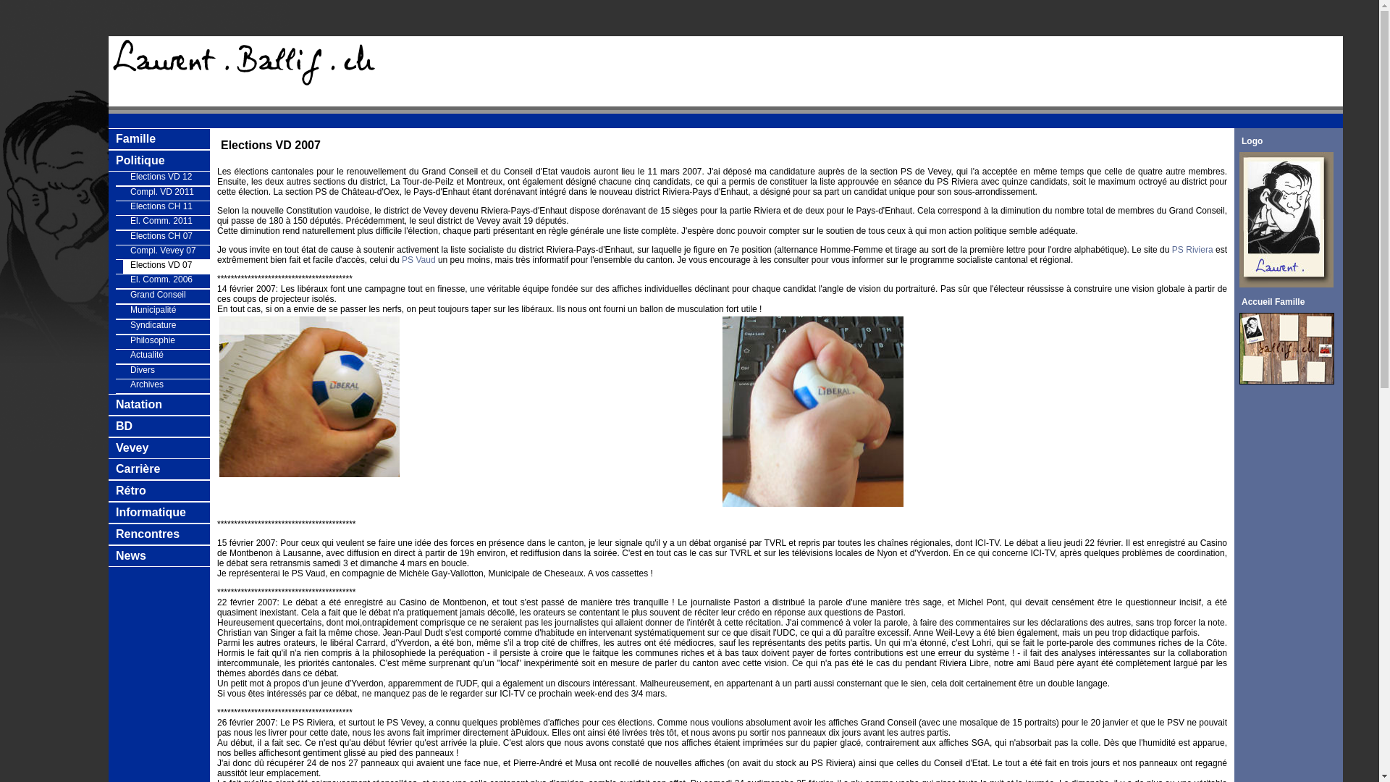 The height and width of the screenshot is (782, 1390). Describe the element at coordinates (167, 266) in the screenshot. I see `'Elections VD 07'` at that location.